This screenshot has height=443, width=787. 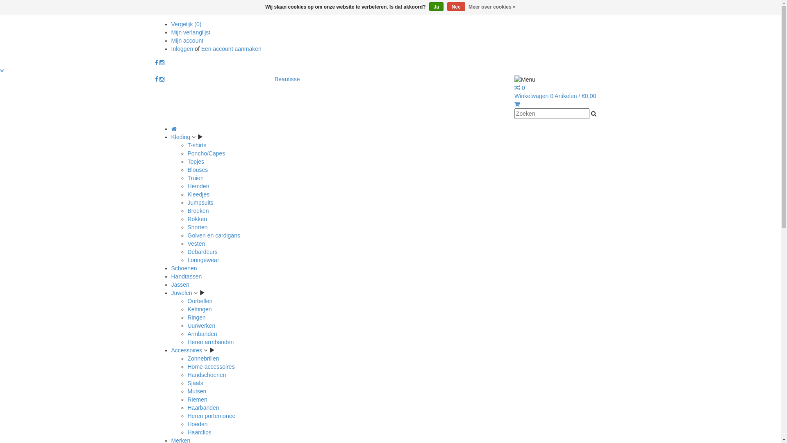 I want to click on 'Schoenen', so click(x=184, y=268).